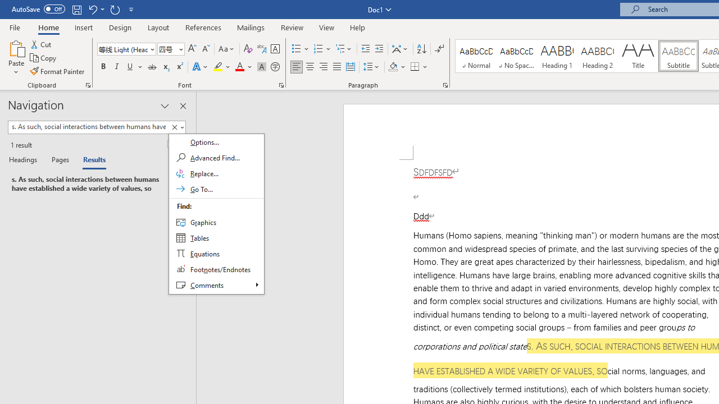  Describe the element at coordinates (336, 67) in the screenshot. I see `'Justify'` at that location.